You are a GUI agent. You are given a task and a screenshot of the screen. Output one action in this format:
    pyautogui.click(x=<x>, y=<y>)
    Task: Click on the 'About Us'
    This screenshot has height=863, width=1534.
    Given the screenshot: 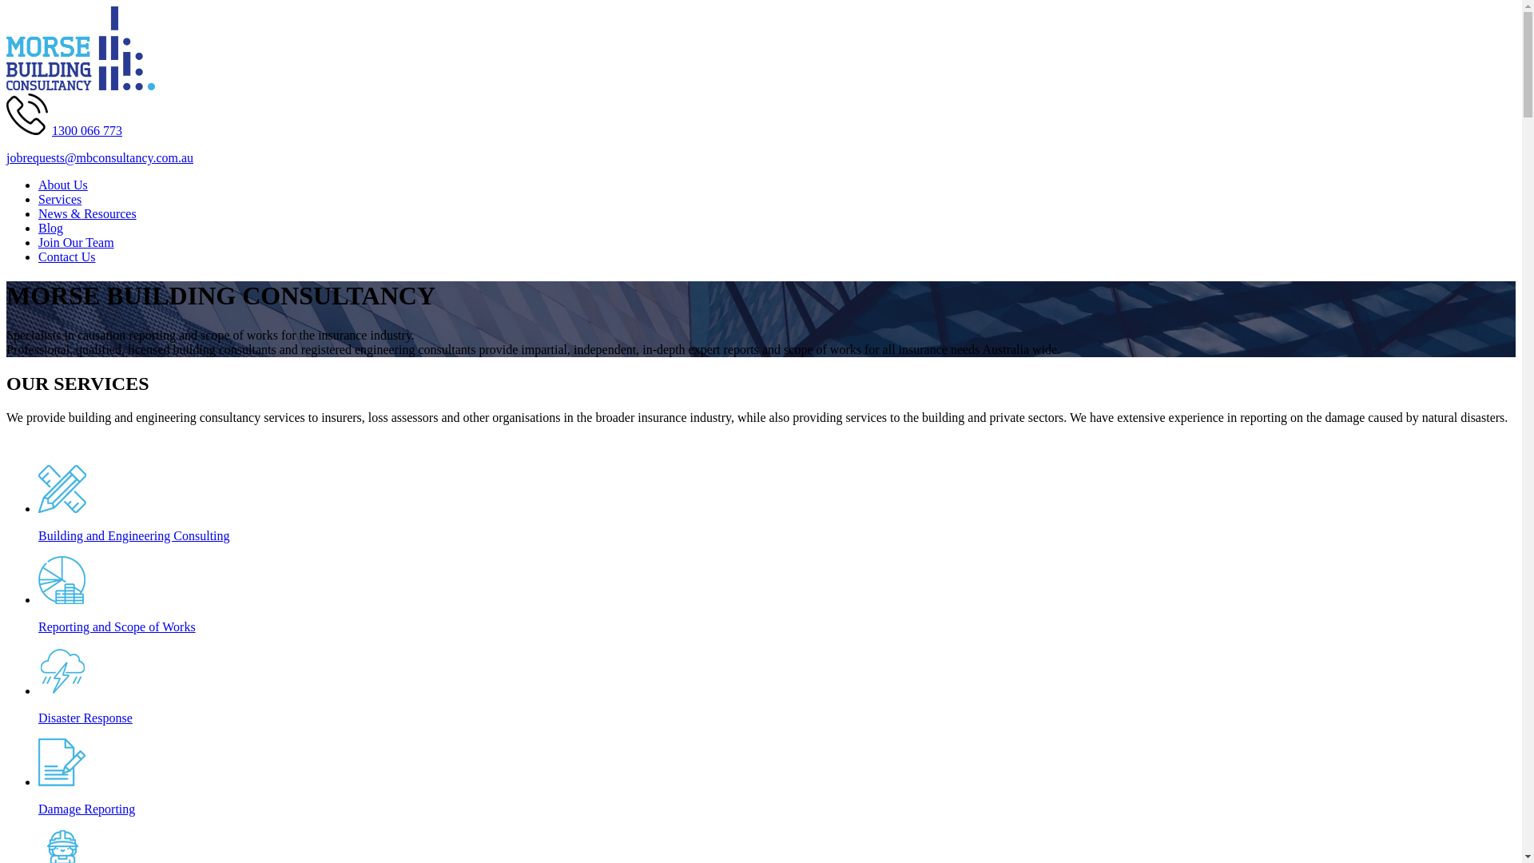 What is the action you would take?
    pyautogui.click(x=62, y=184)
    